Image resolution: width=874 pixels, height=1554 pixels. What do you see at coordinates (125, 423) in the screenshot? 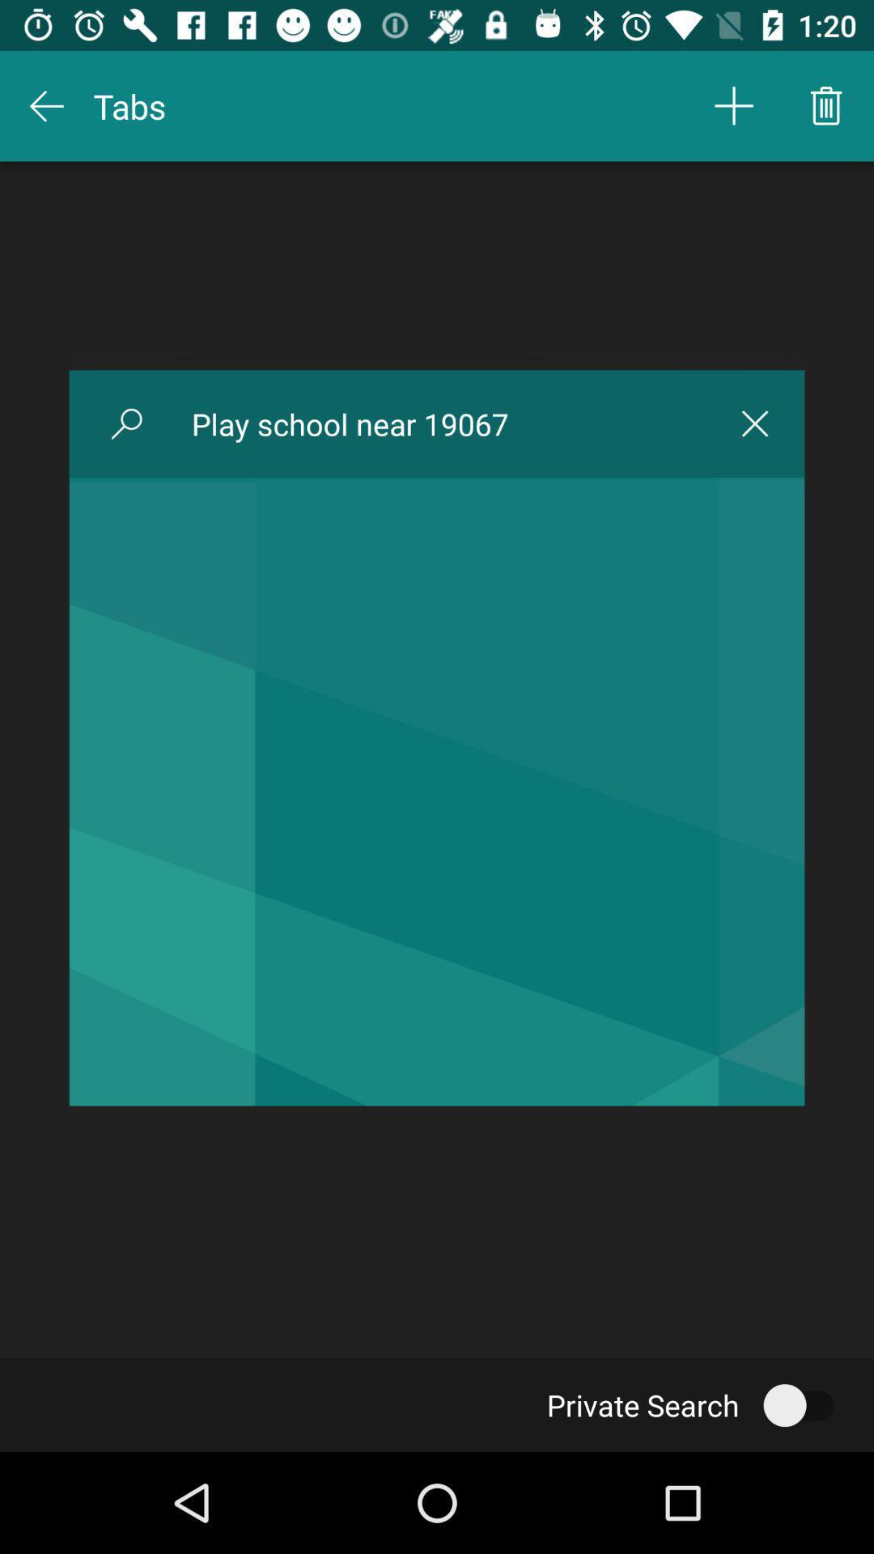
I see `icon to the left of the play school near icon` at bounding box center [125, 423].